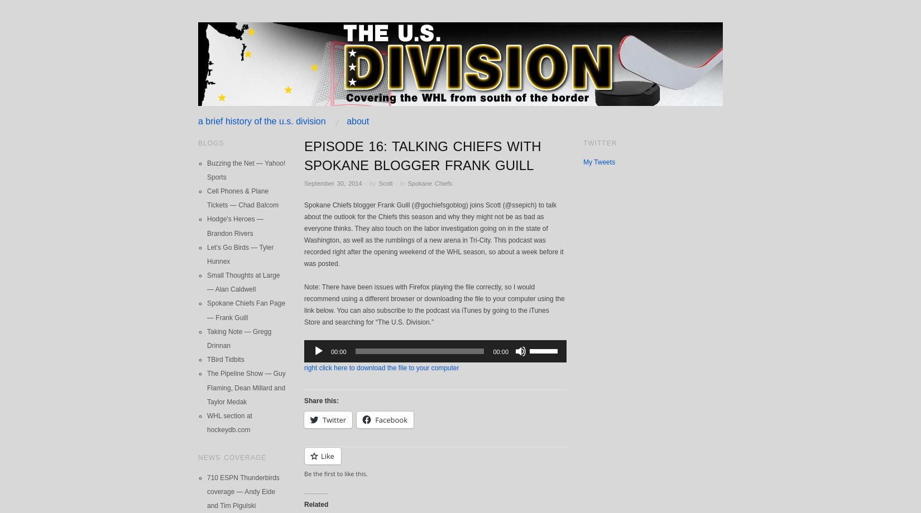 This screenshot has width=921, height=513. I want to click on 'Share this:', so click(321, 400).